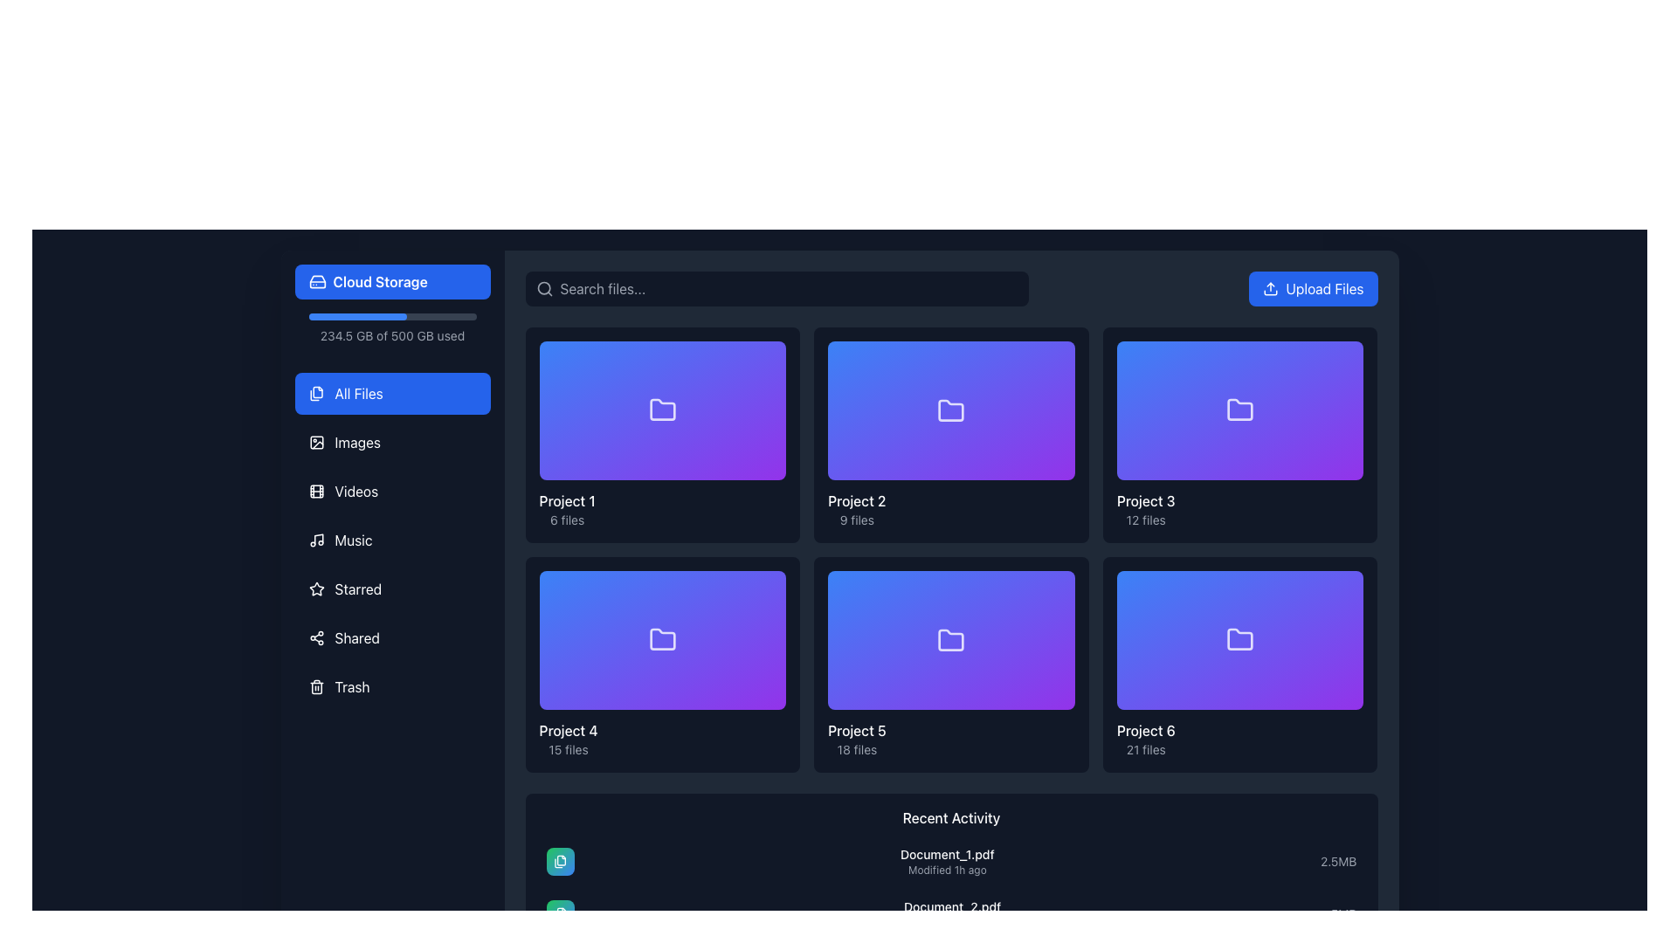 The image size is (1677, 943). I want to click on the 'Music' navigational link in the vertical navigation menu, so click(352, 539).